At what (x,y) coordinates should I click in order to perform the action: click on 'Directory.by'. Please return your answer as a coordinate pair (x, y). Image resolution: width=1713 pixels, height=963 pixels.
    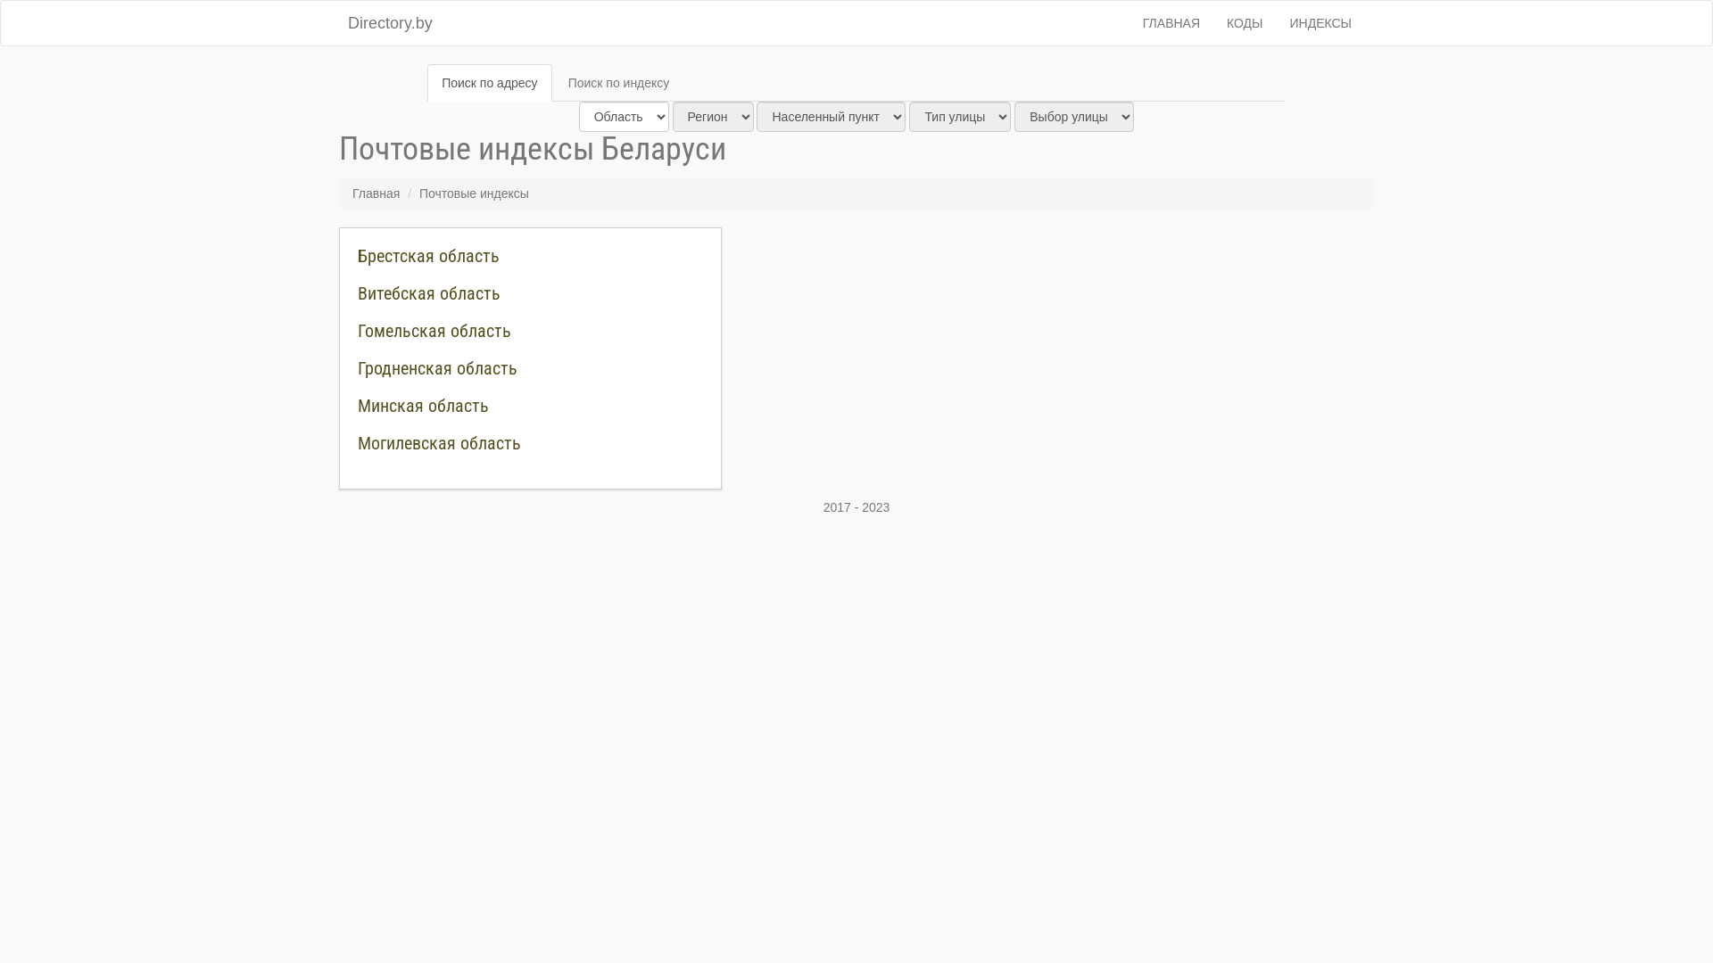
    Looking at the image, I should click on (389, 23).